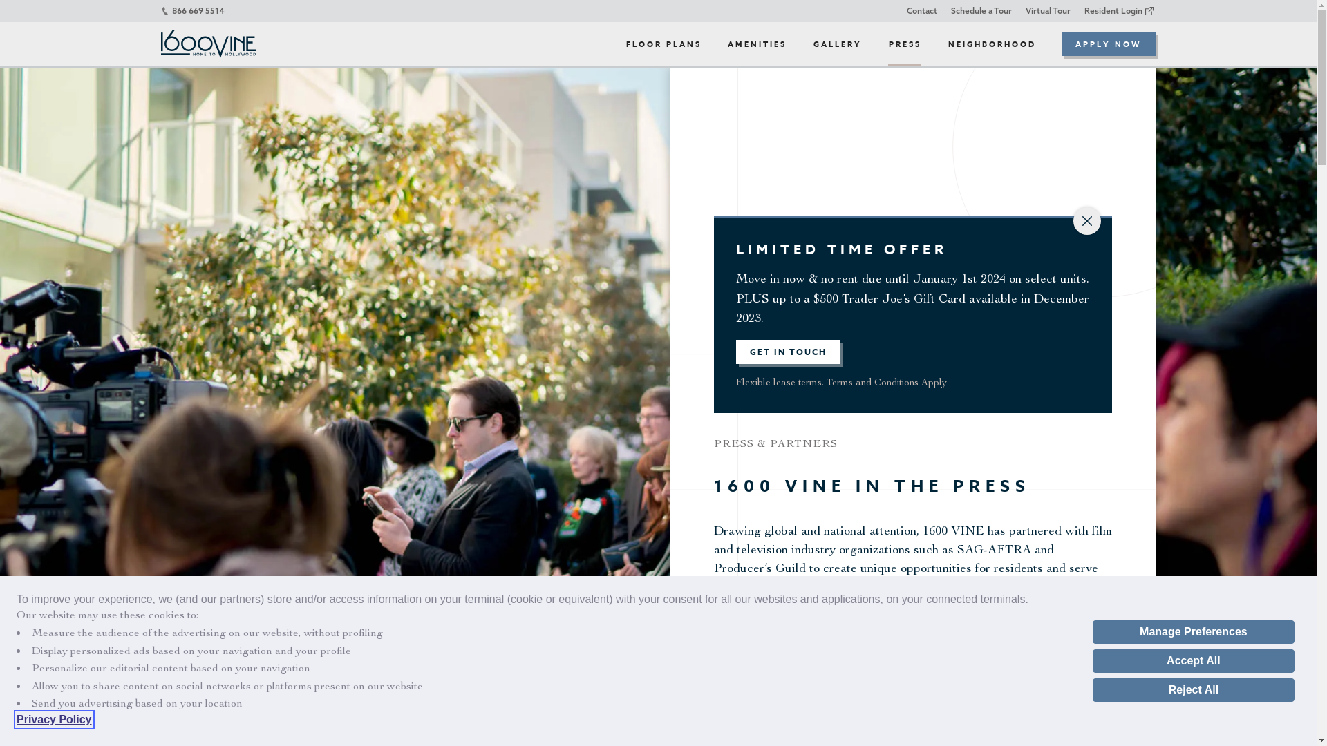 The image size is (1327, 746). I want to click on 'APPLY NOW', so click(1061, 44).